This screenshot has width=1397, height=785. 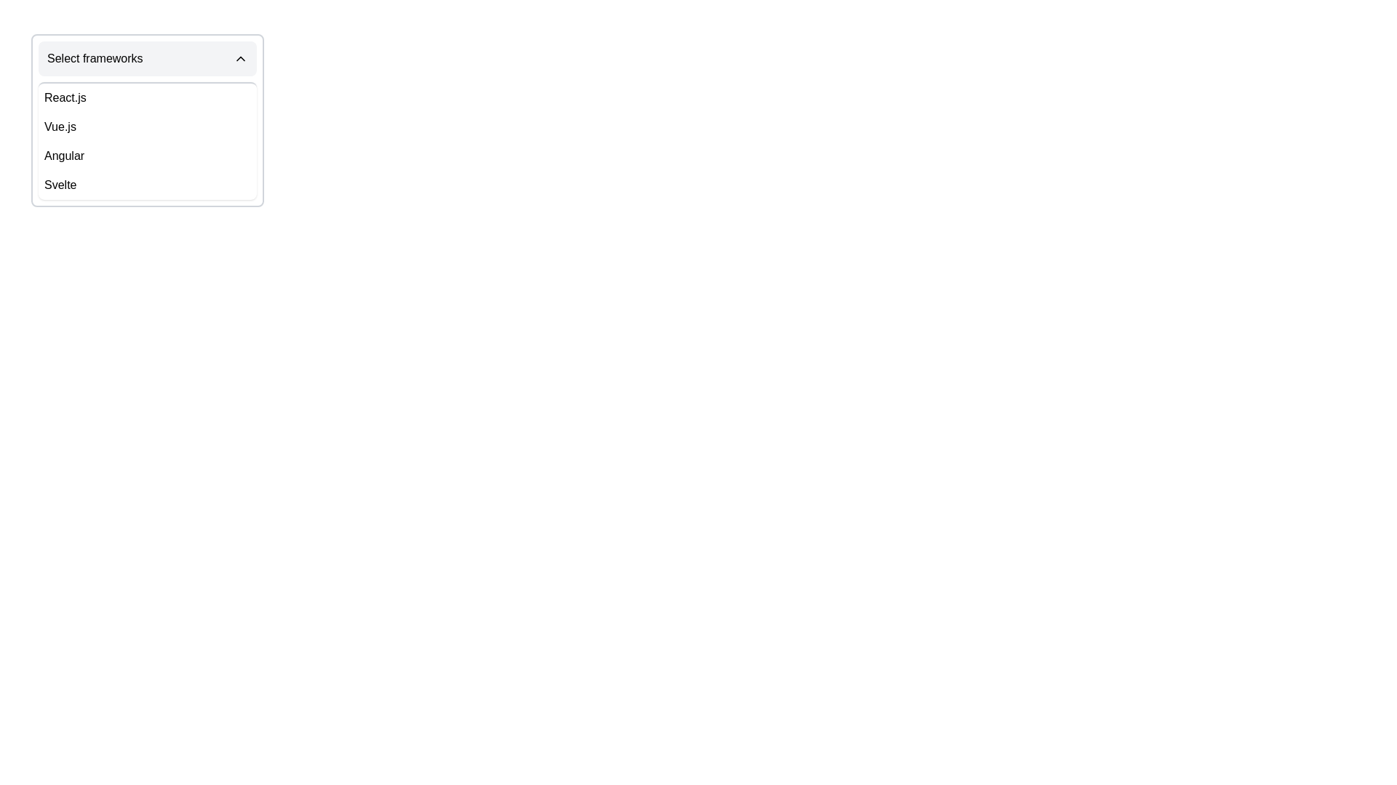 I want to click on the fourth item in the dropdown menu, so click(x=147, y=184).